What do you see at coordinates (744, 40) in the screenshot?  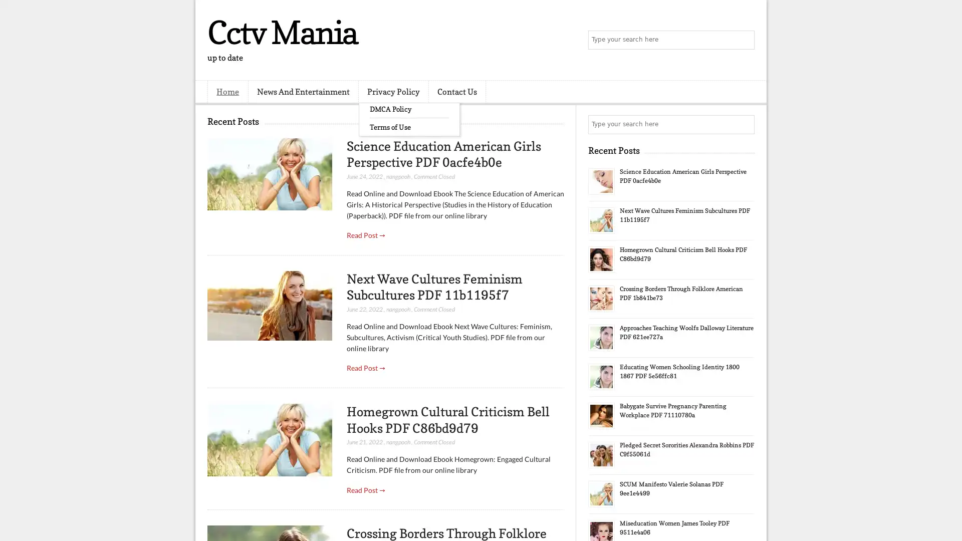 I see `Search` at bounding box center [744, 40].